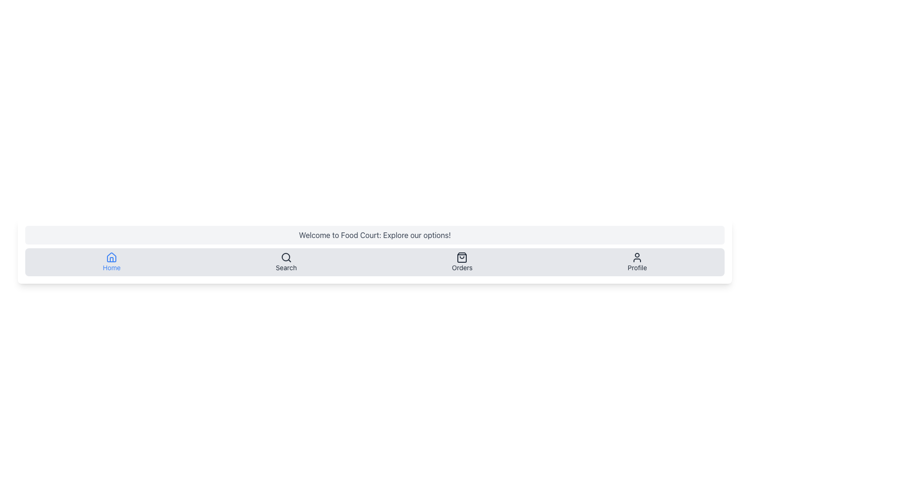  I want to click on the house-shaped icon in the bottom center navigation bar, so click(112, 257).